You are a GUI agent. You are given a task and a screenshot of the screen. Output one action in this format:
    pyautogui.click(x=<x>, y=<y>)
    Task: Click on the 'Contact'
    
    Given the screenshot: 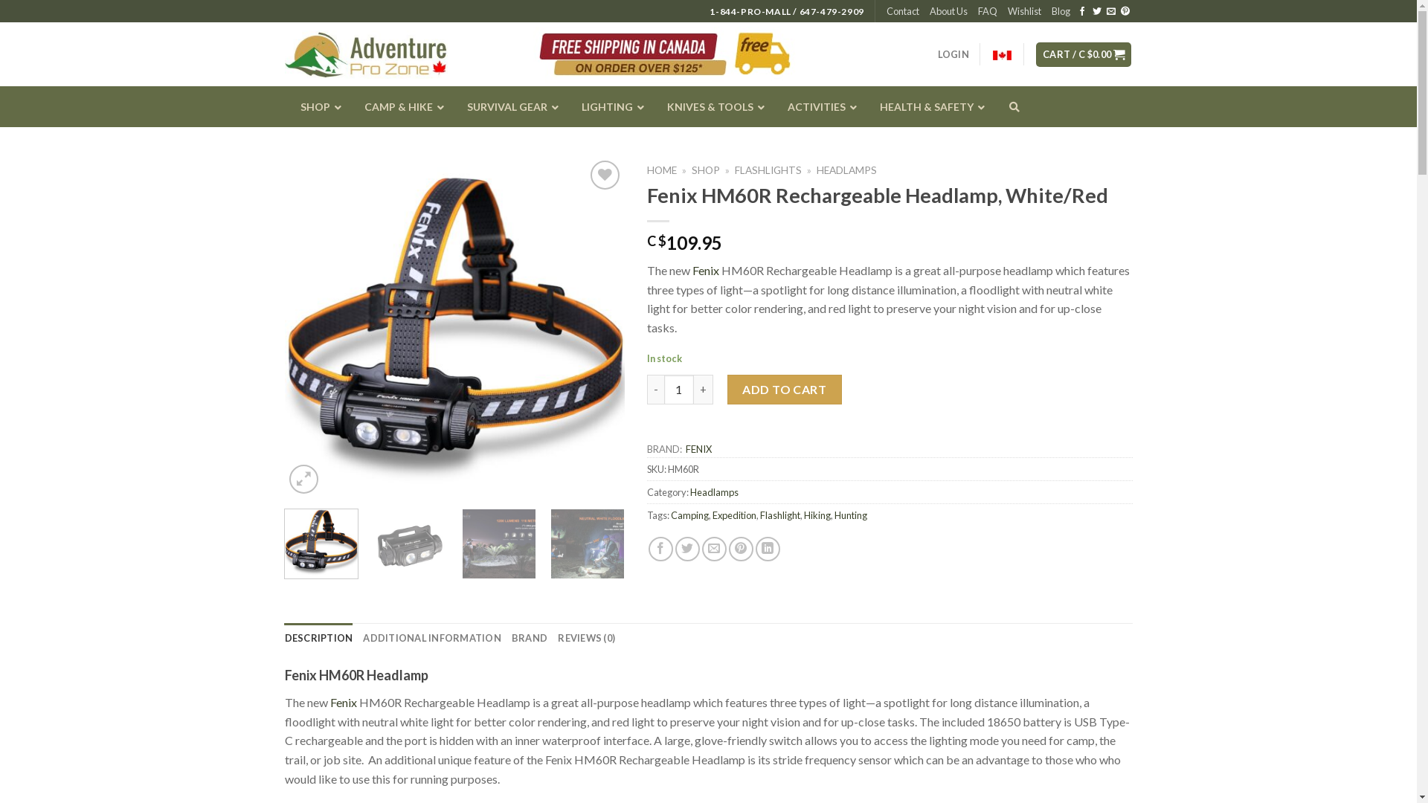 What is the action you would take?
    pyautogui.click(x=902, y=11)
    